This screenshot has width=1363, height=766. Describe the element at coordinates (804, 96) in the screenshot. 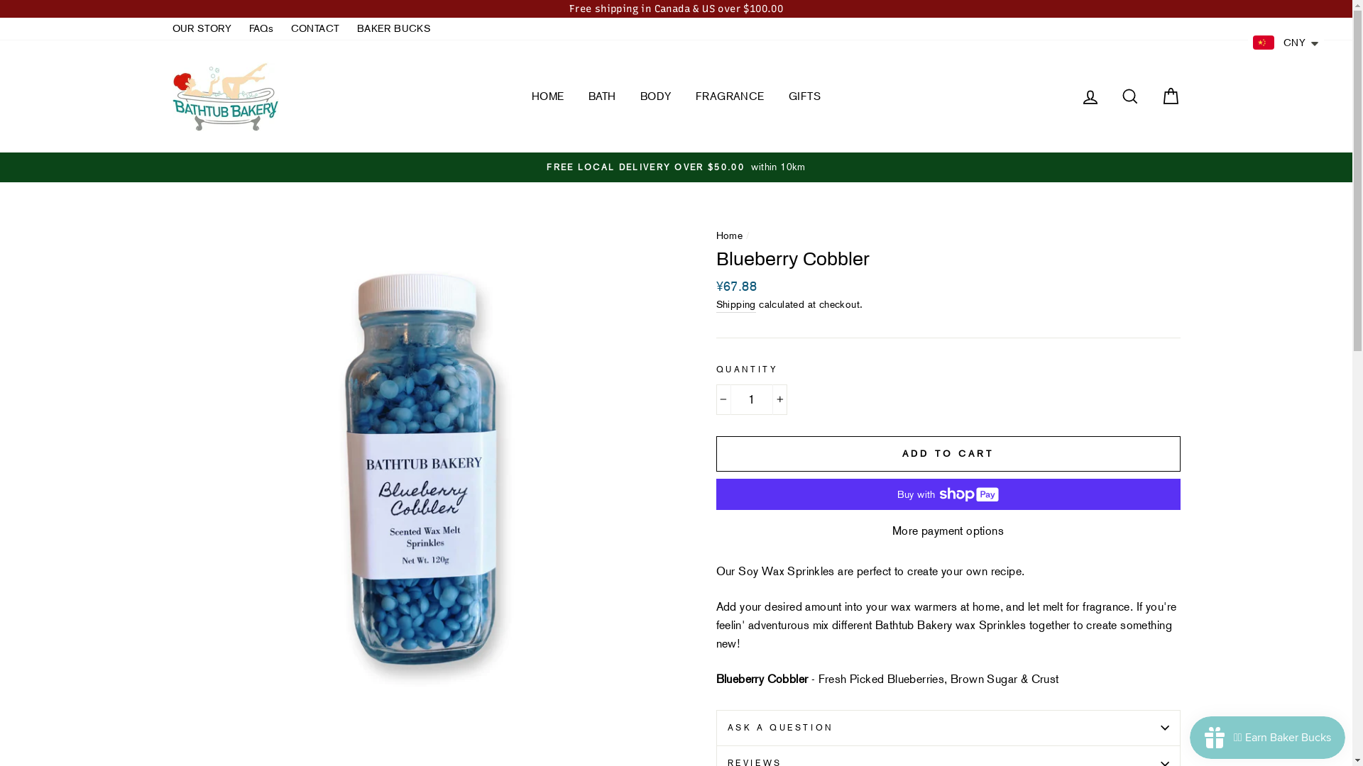

I see `'GIFTS'` at that location.